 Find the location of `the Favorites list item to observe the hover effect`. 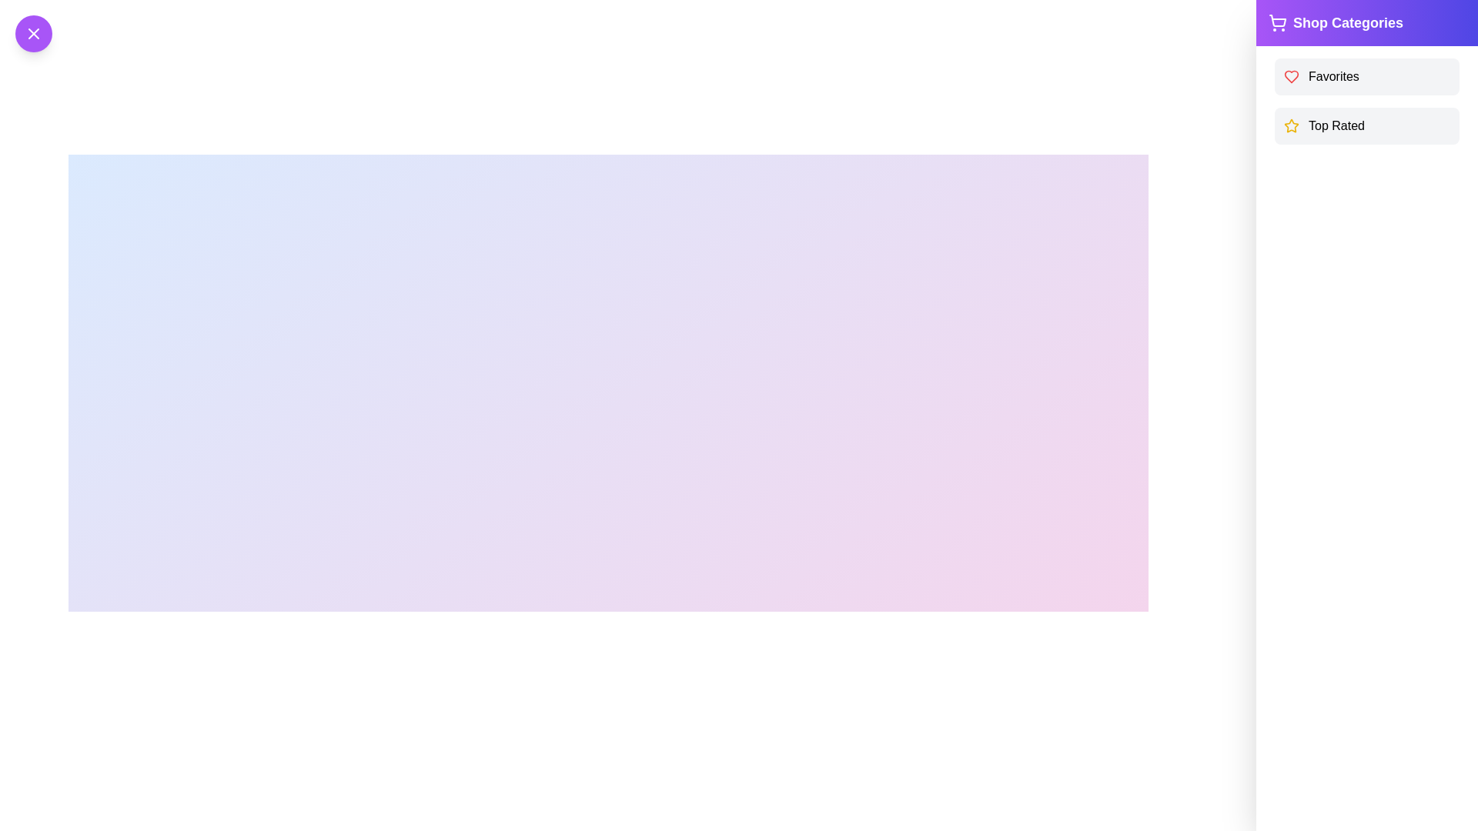

the Favorites list item to observe the hover effect is located at coordinates (1367, 77).